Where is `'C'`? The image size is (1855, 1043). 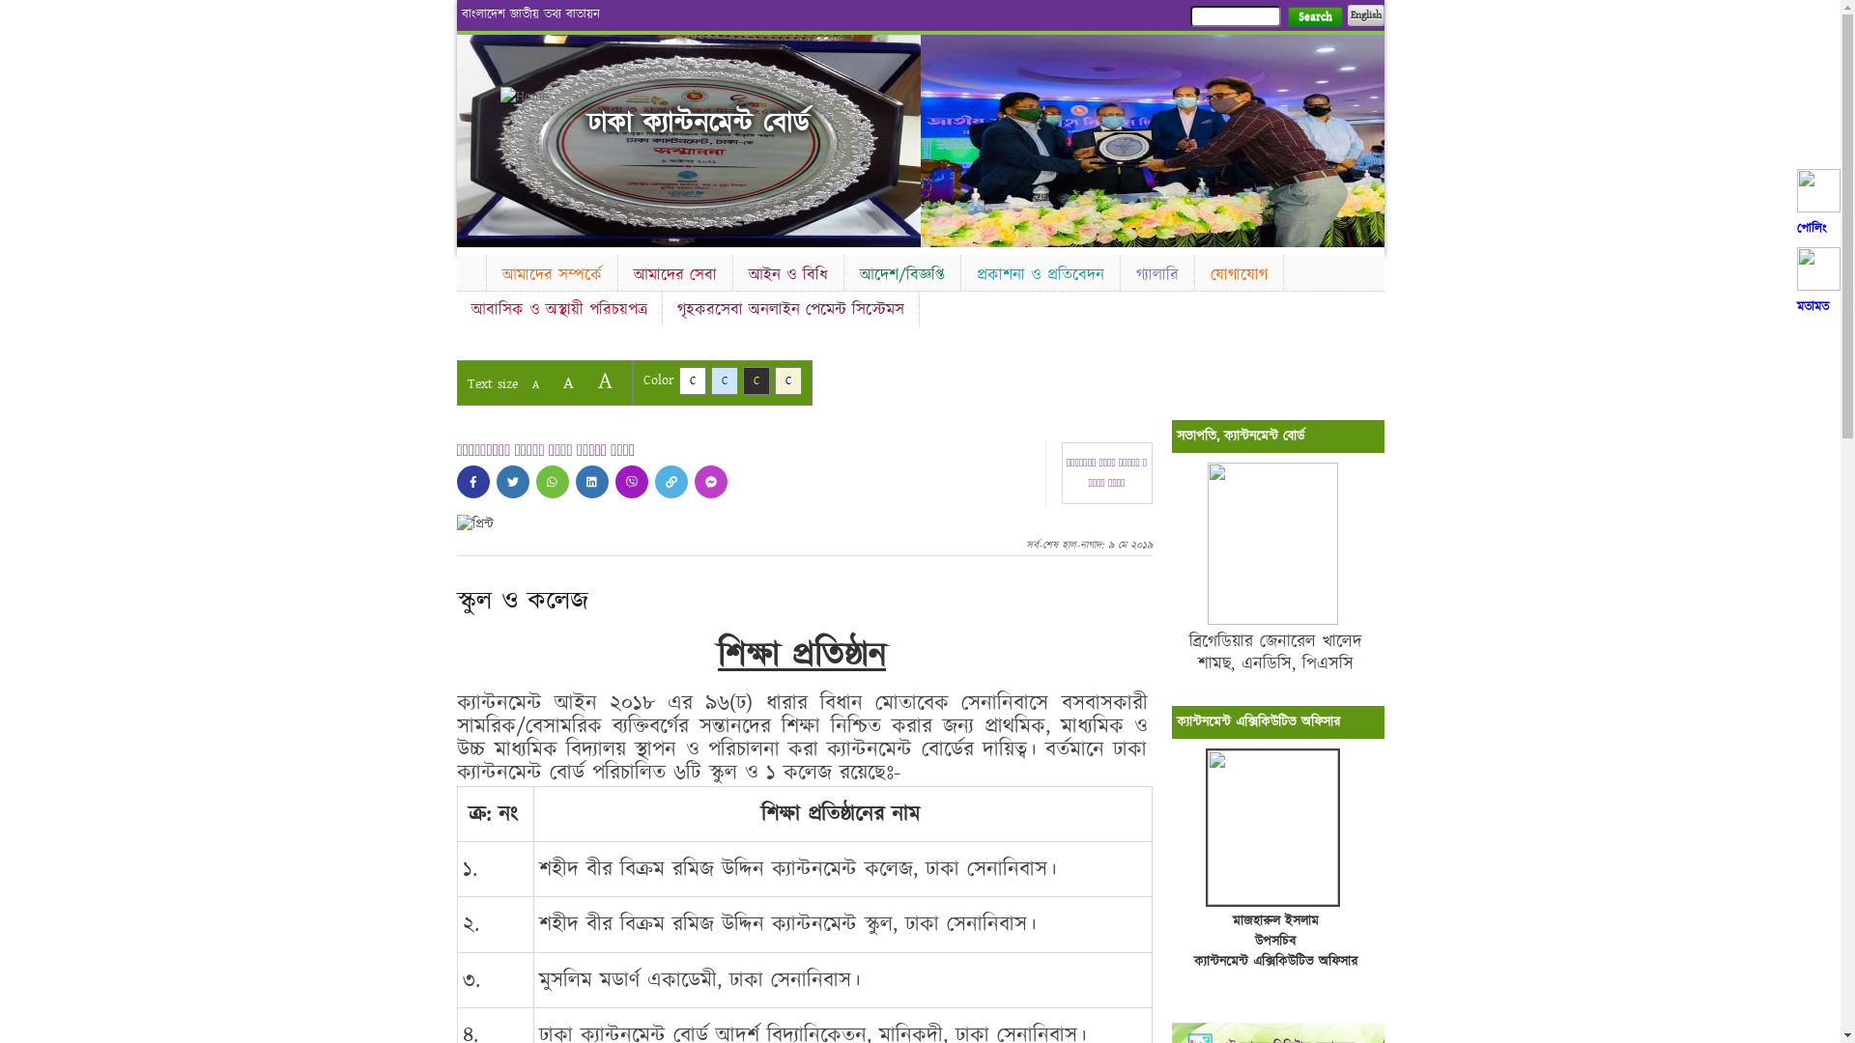
'C' is located at coordinates (741, 381).